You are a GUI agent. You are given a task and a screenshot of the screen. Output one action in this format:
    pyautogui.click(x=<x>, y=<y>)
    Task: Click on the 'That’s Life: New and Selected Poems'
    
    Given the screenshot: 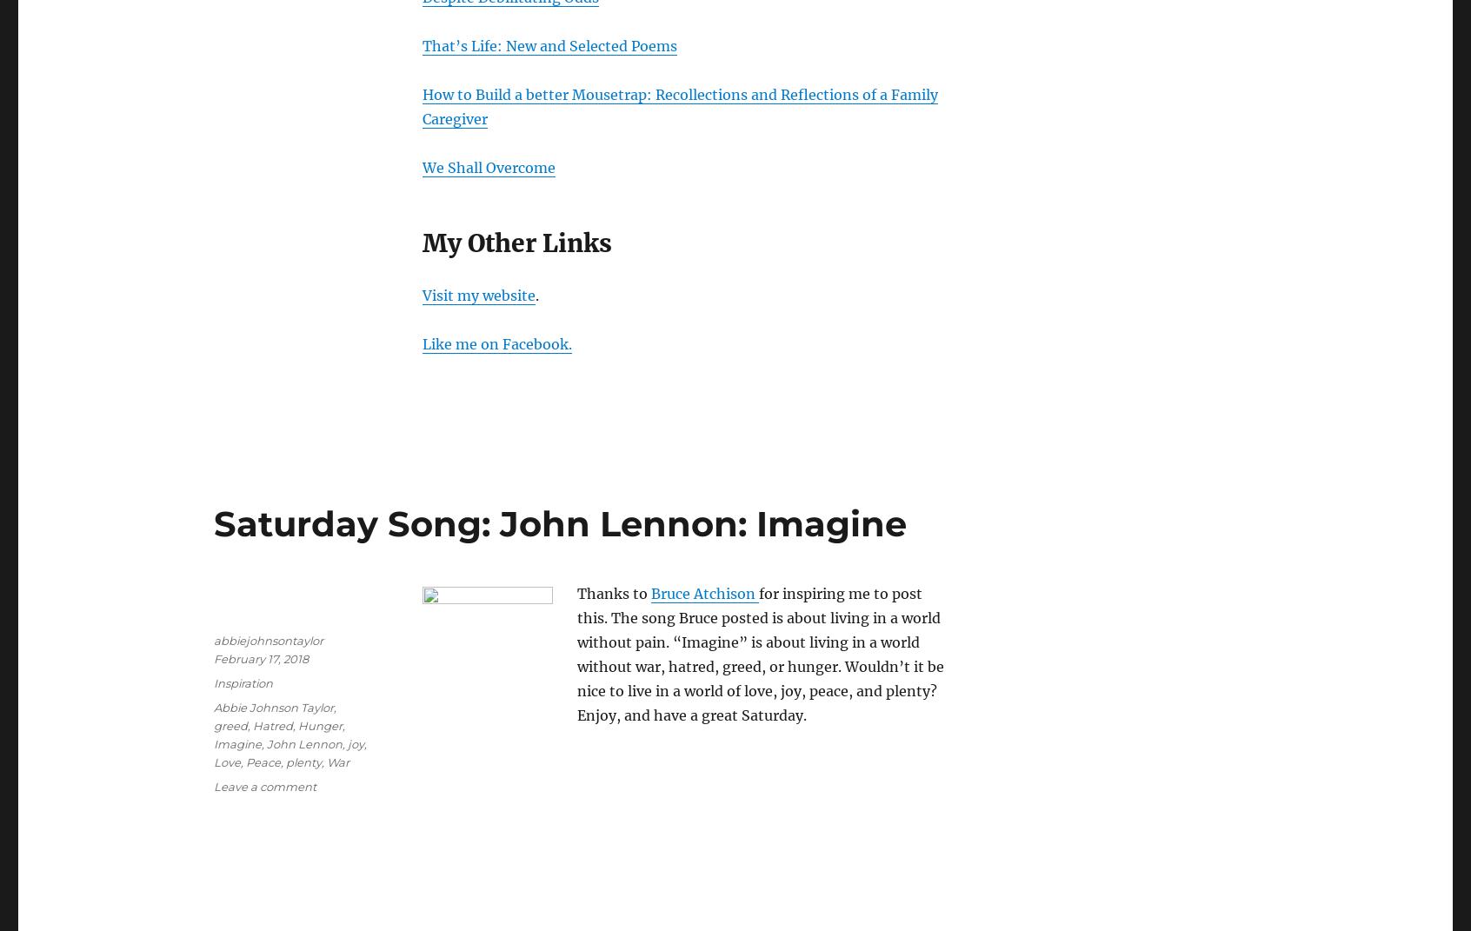 What is the action you would take?
    pyautogui.click(x=549, y=44)
    